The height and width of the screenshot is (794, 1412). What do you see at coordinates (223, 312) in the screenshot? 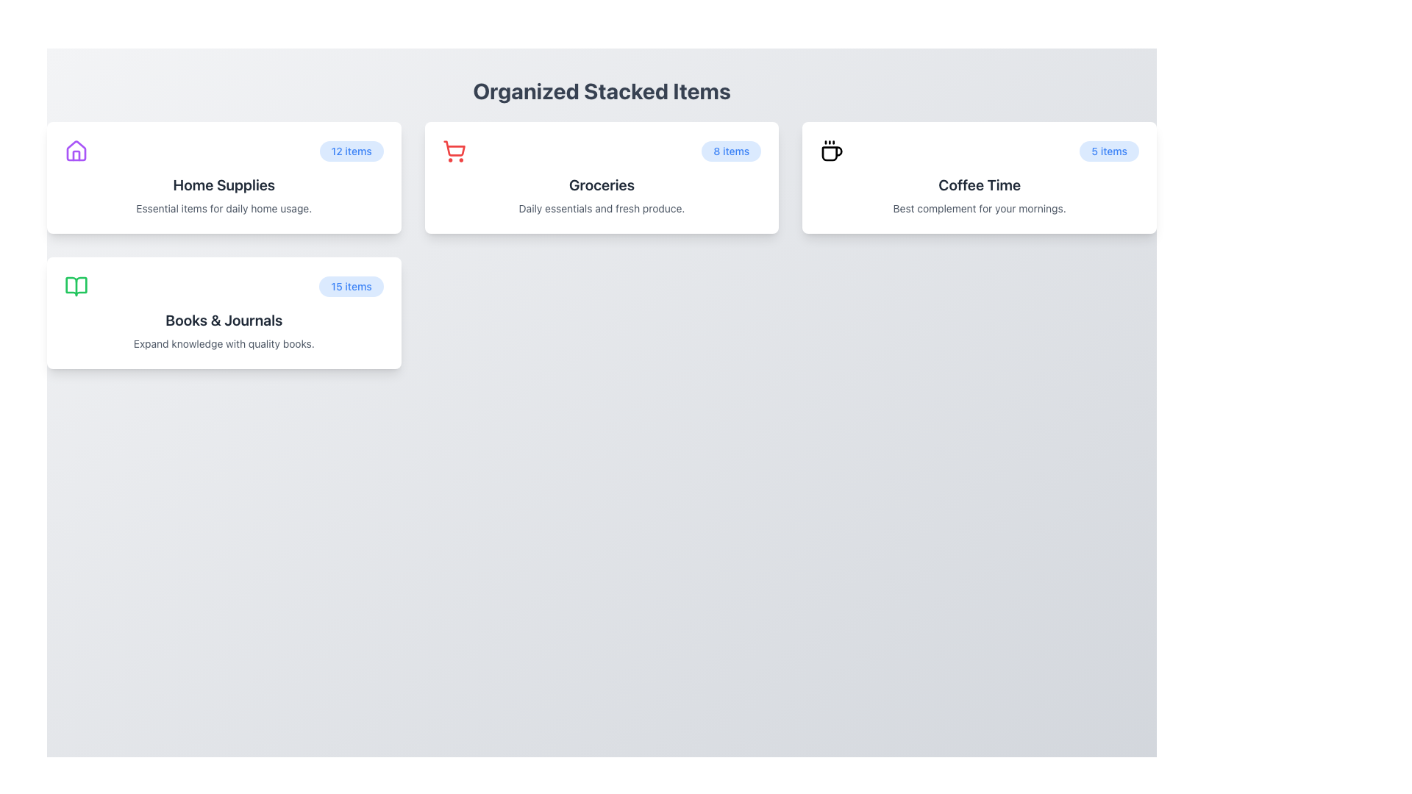
I see `the 'Books & Journals' category card located in the bottom-left corner of the grid layout` at bounding box center [223, 312].